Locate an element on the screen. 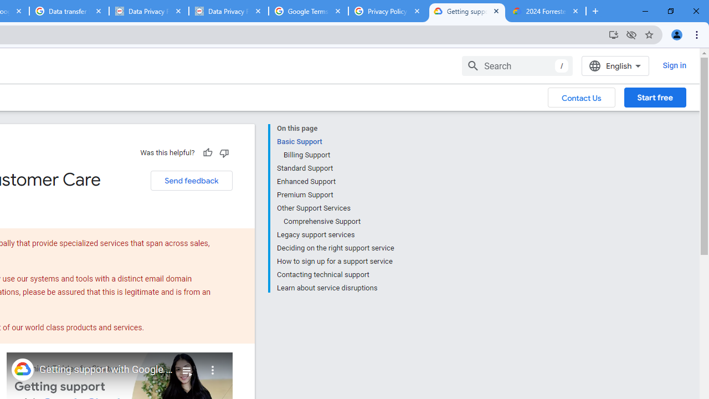 The width and height of the screenshot is (709, 399). 'How to sign up for a support service' is located at coordinates (335, 261).